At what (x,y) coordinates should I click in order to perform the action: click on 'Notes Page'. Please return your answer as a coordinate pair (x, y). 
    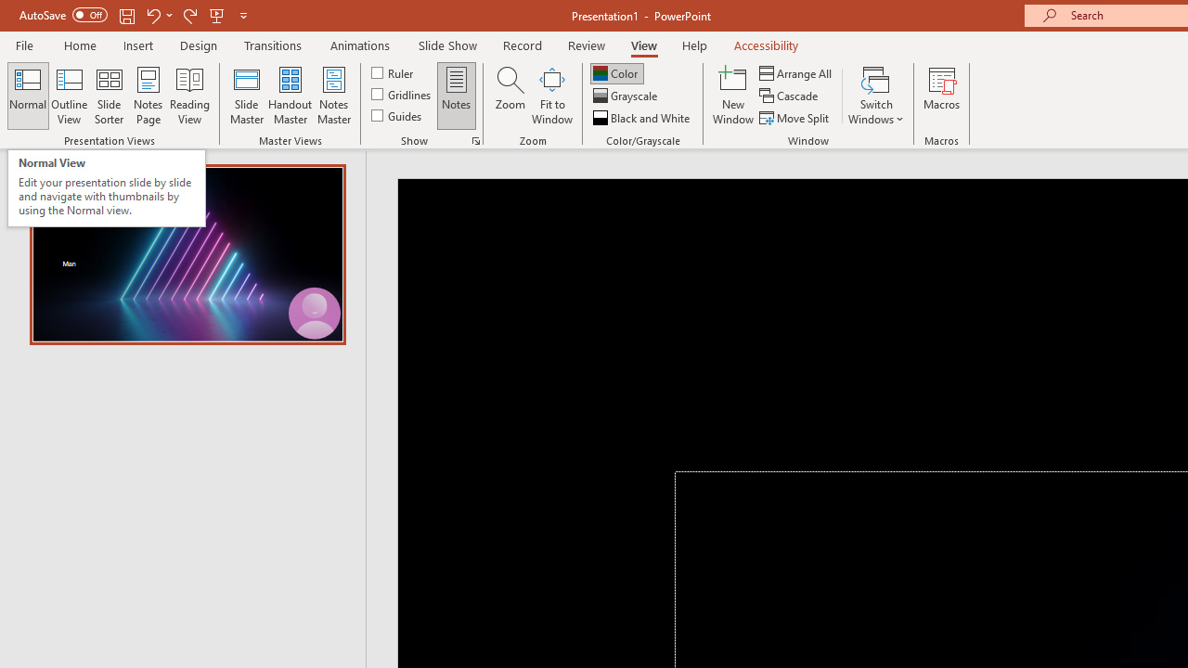
    Looking at the image, I should click on (148, 96).